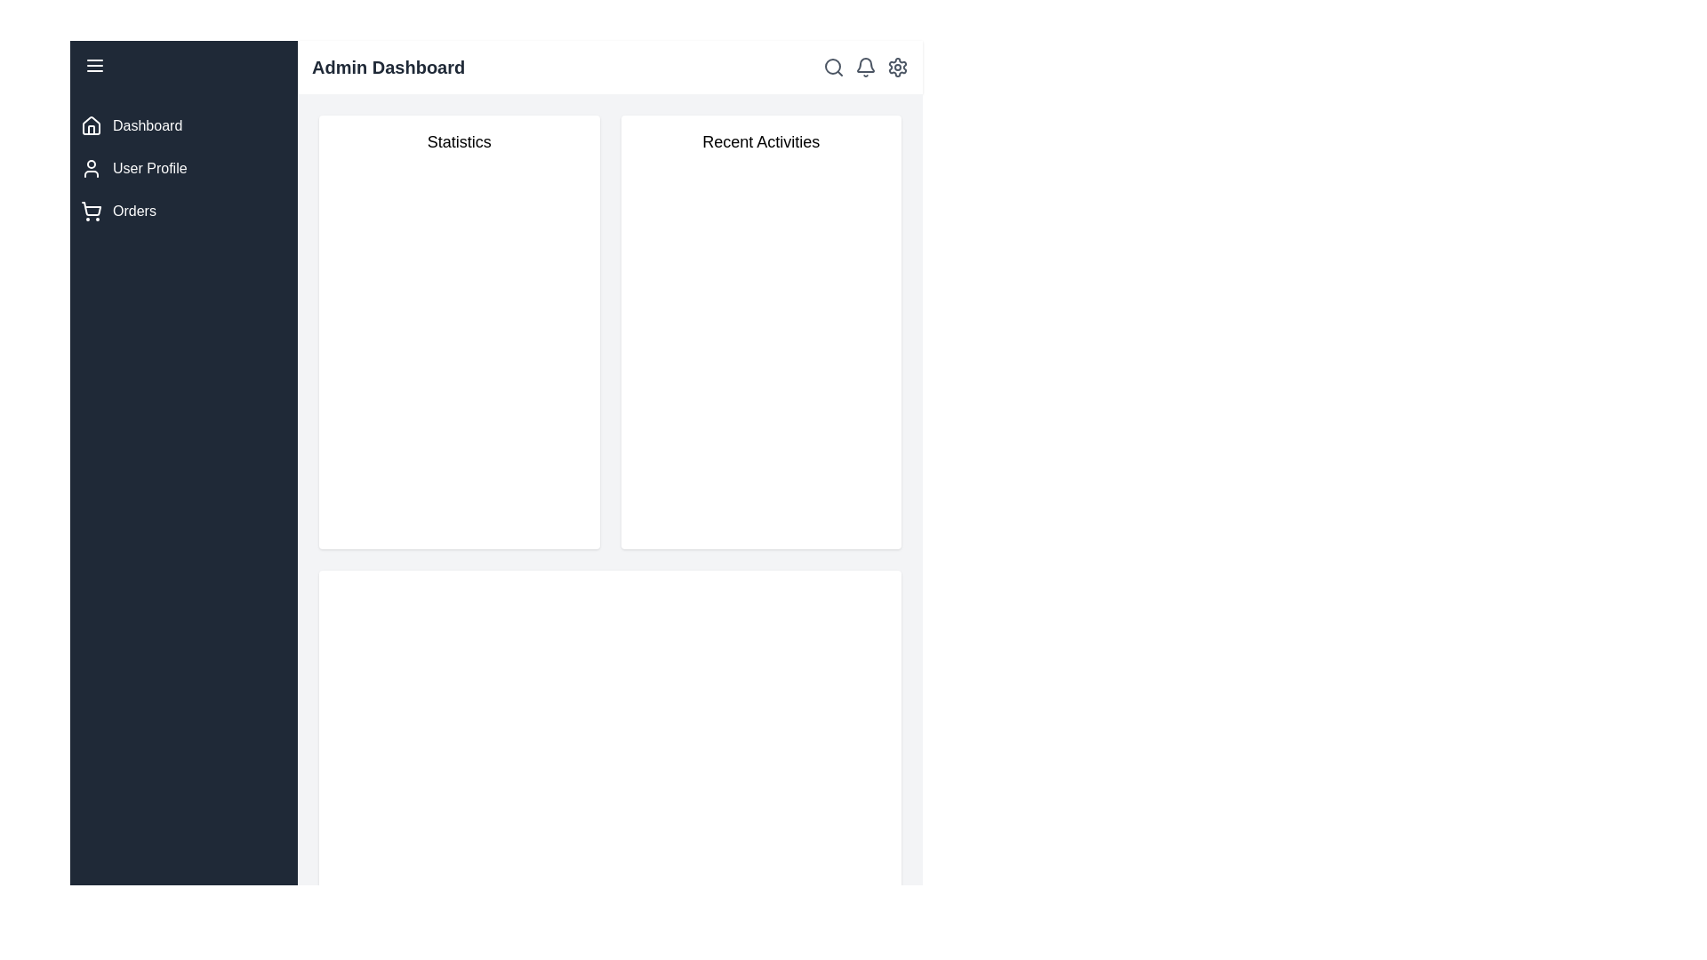 The width and height of the screenshot is (1707, 960). I want to click on the 'User Profile' menu item in the vertical sidebar, so click(183, 168).